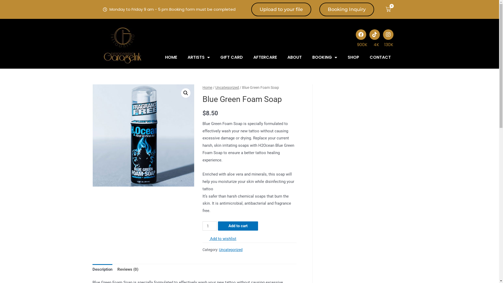  What do you see at coordinates (364, 57) in the screenshot?
I see `'CONTACT'` at bounding box center [364, 57].